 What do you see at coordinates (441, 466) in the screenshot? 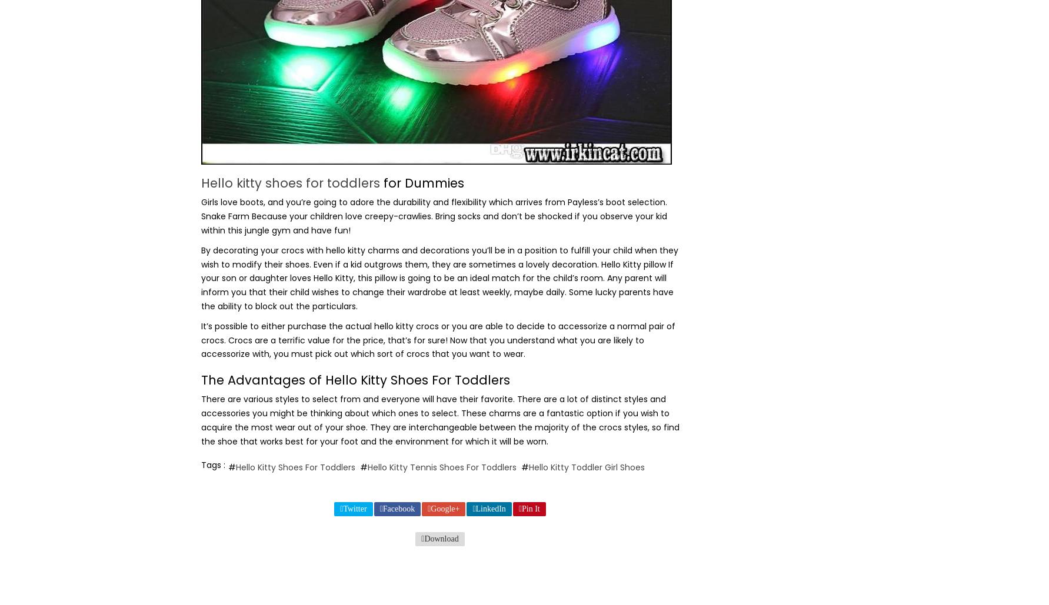
I see `'Hello Kitty Tennis Shoes For Toddlers'` at bounding box center [441, 466].